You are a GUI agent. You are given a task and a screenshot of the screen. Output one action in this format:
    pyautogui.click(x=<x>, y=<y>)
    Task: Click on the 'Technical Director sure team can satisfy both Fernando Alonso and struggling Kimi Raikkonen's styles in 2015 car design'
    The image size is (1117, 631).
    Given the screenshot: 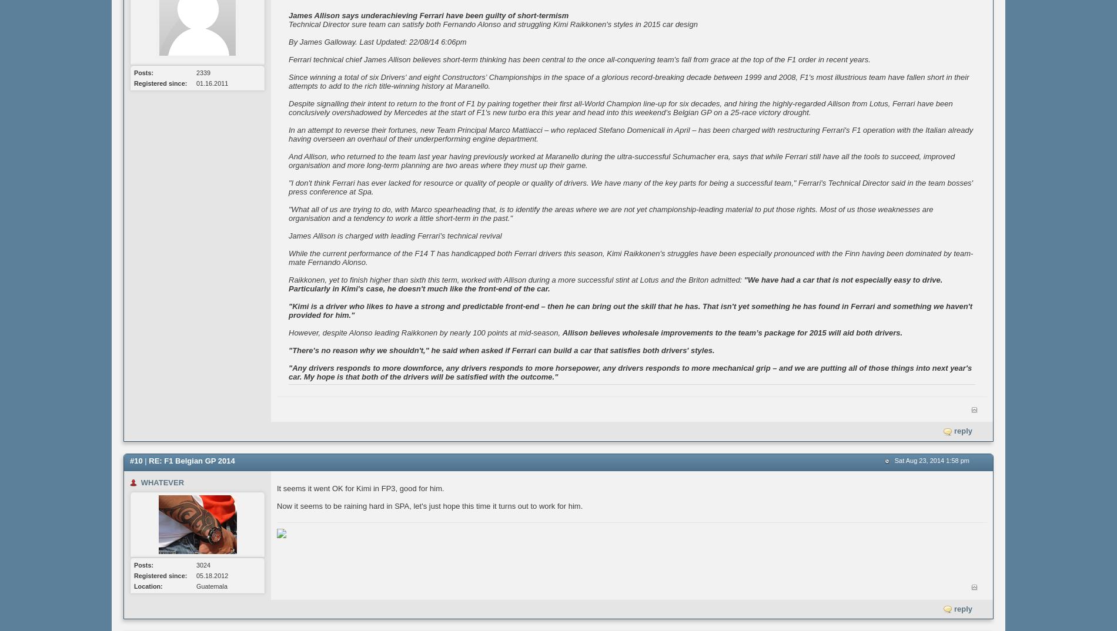 What is the action you would take?
    pyautogui.click(x=492, y=24)
    